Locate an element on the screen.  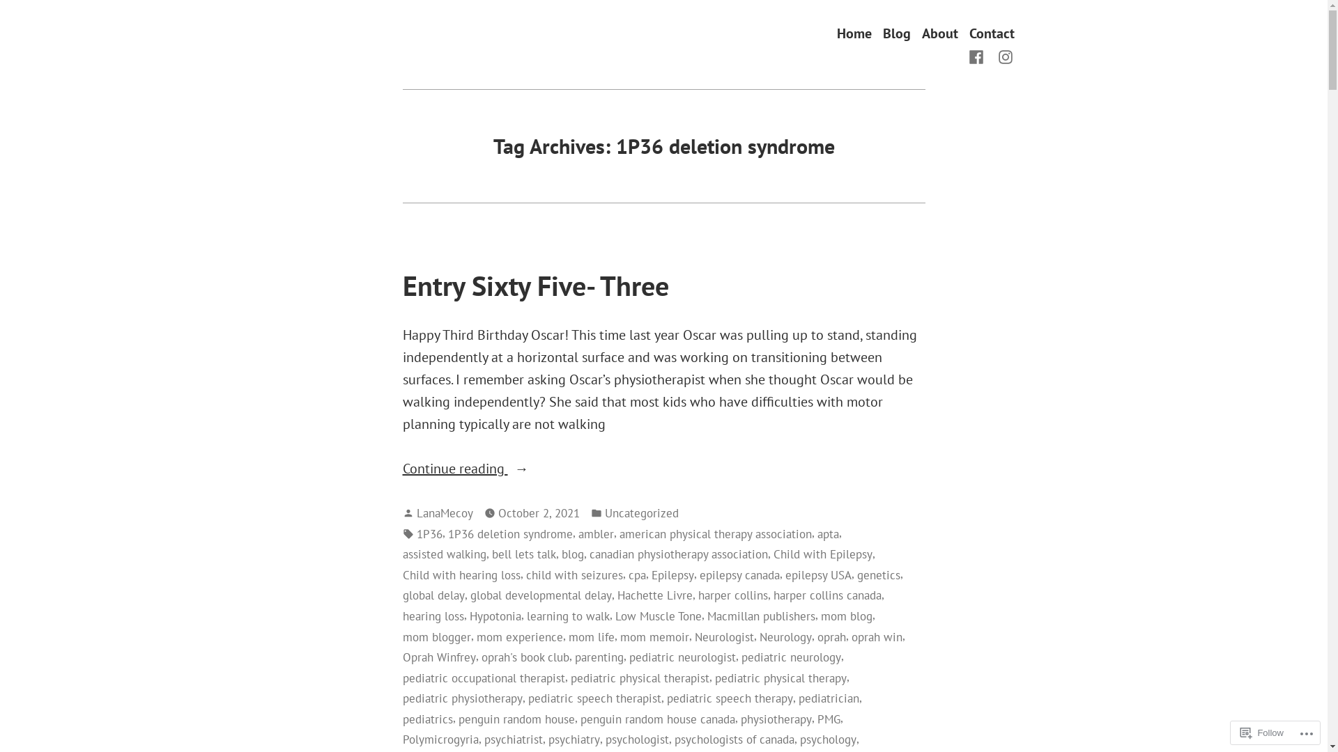
'global delay' is located at coordinates (433, 595).